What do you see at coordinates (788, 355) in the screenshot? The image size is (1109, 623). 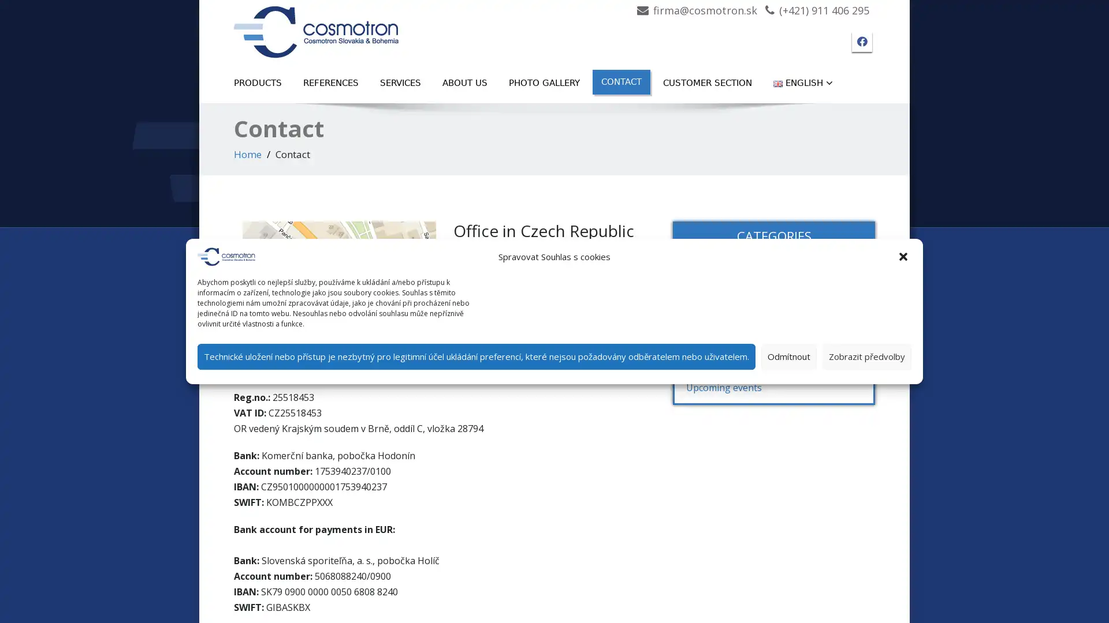 I see `Odmitnout` at bounding box center [788, 355].